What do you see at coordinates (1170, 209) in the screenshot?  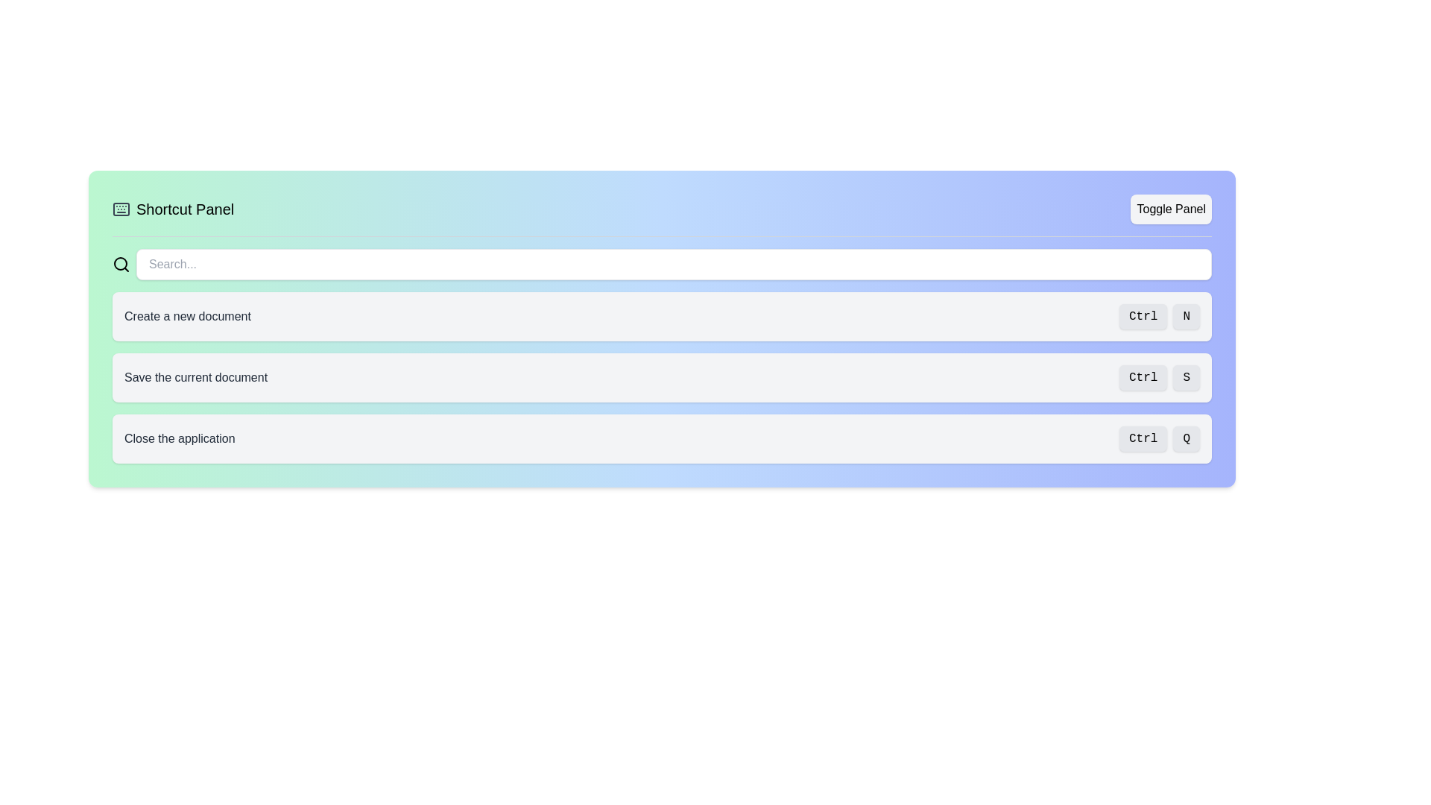 I see `the 'Toggle Panel' button, which is a rectangular button with black text on a light gray background, located at the top-right corner of the 'Shortcut Panel' section` at bounding box center [1170, 209].